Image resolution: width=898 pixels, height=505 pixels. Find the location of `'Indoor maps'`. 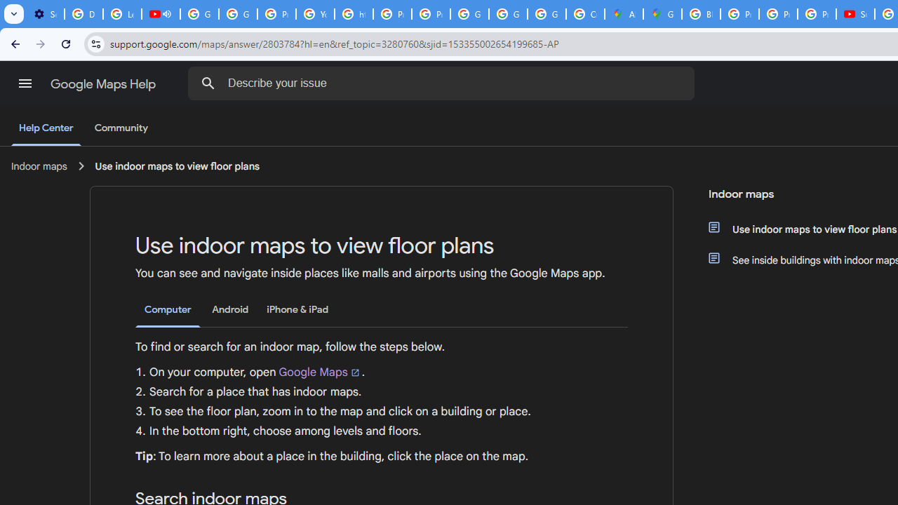

'Indoor maps' is located at coordinates (39, 166).